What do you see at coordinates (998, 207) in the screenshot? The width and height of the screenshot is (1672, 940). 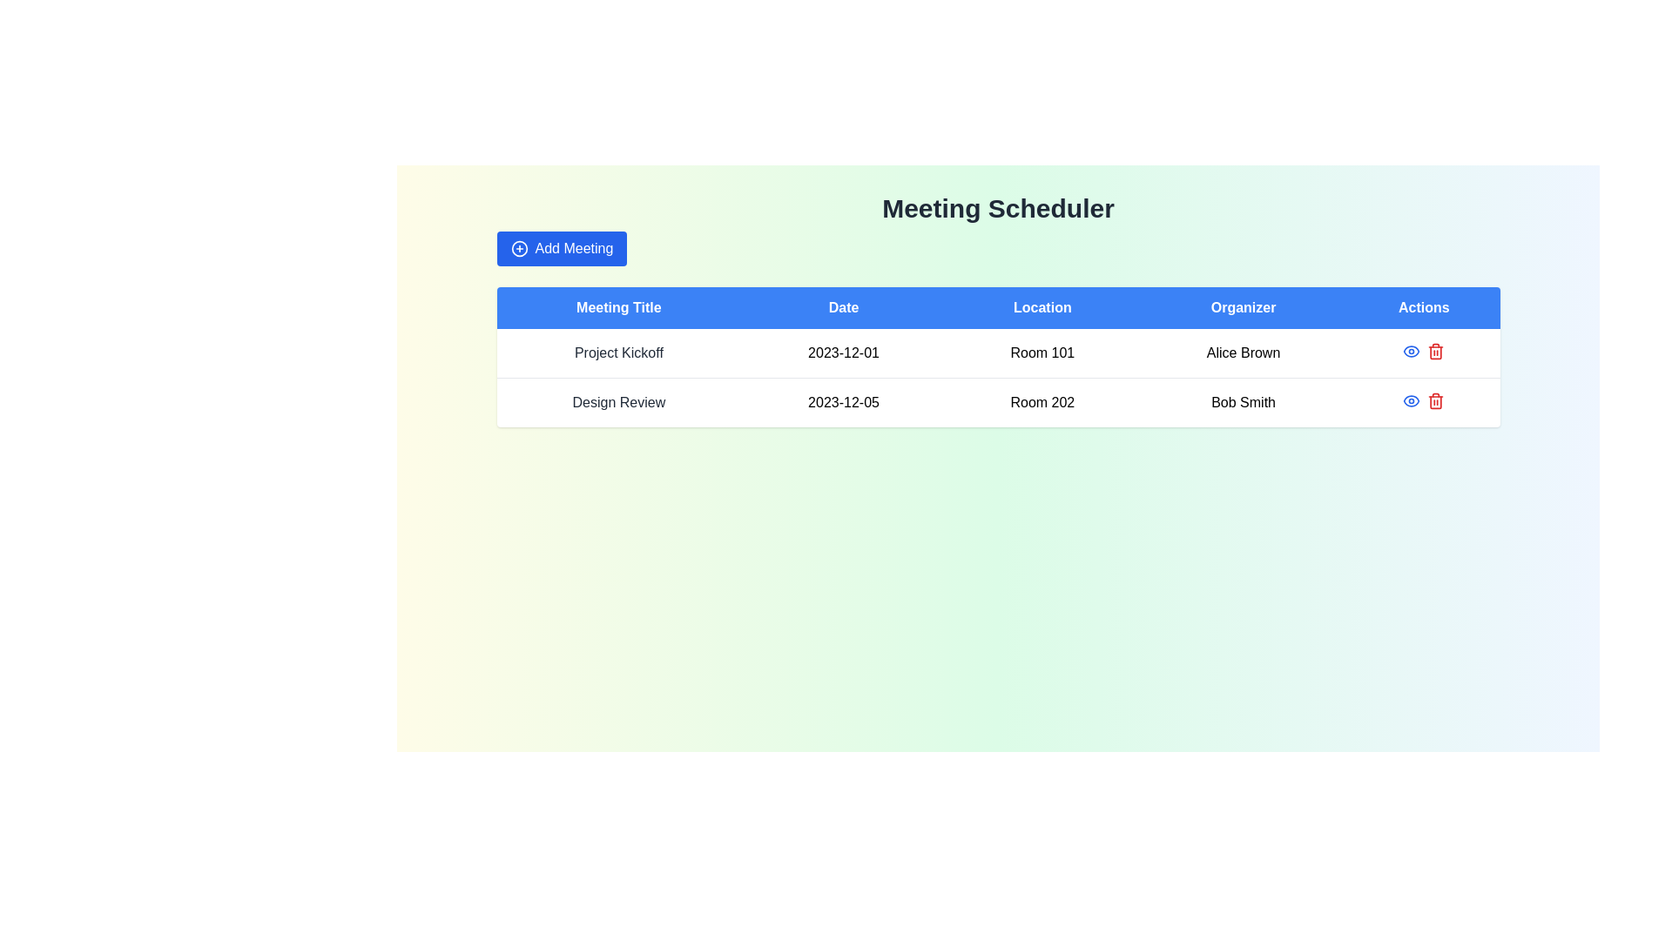 I see `the 'Meeting Scheduler' text header, which is a large, bold title positioned at the top of the interface, directly above the 'Add Meeting' button` at bounding box center [998, 207].